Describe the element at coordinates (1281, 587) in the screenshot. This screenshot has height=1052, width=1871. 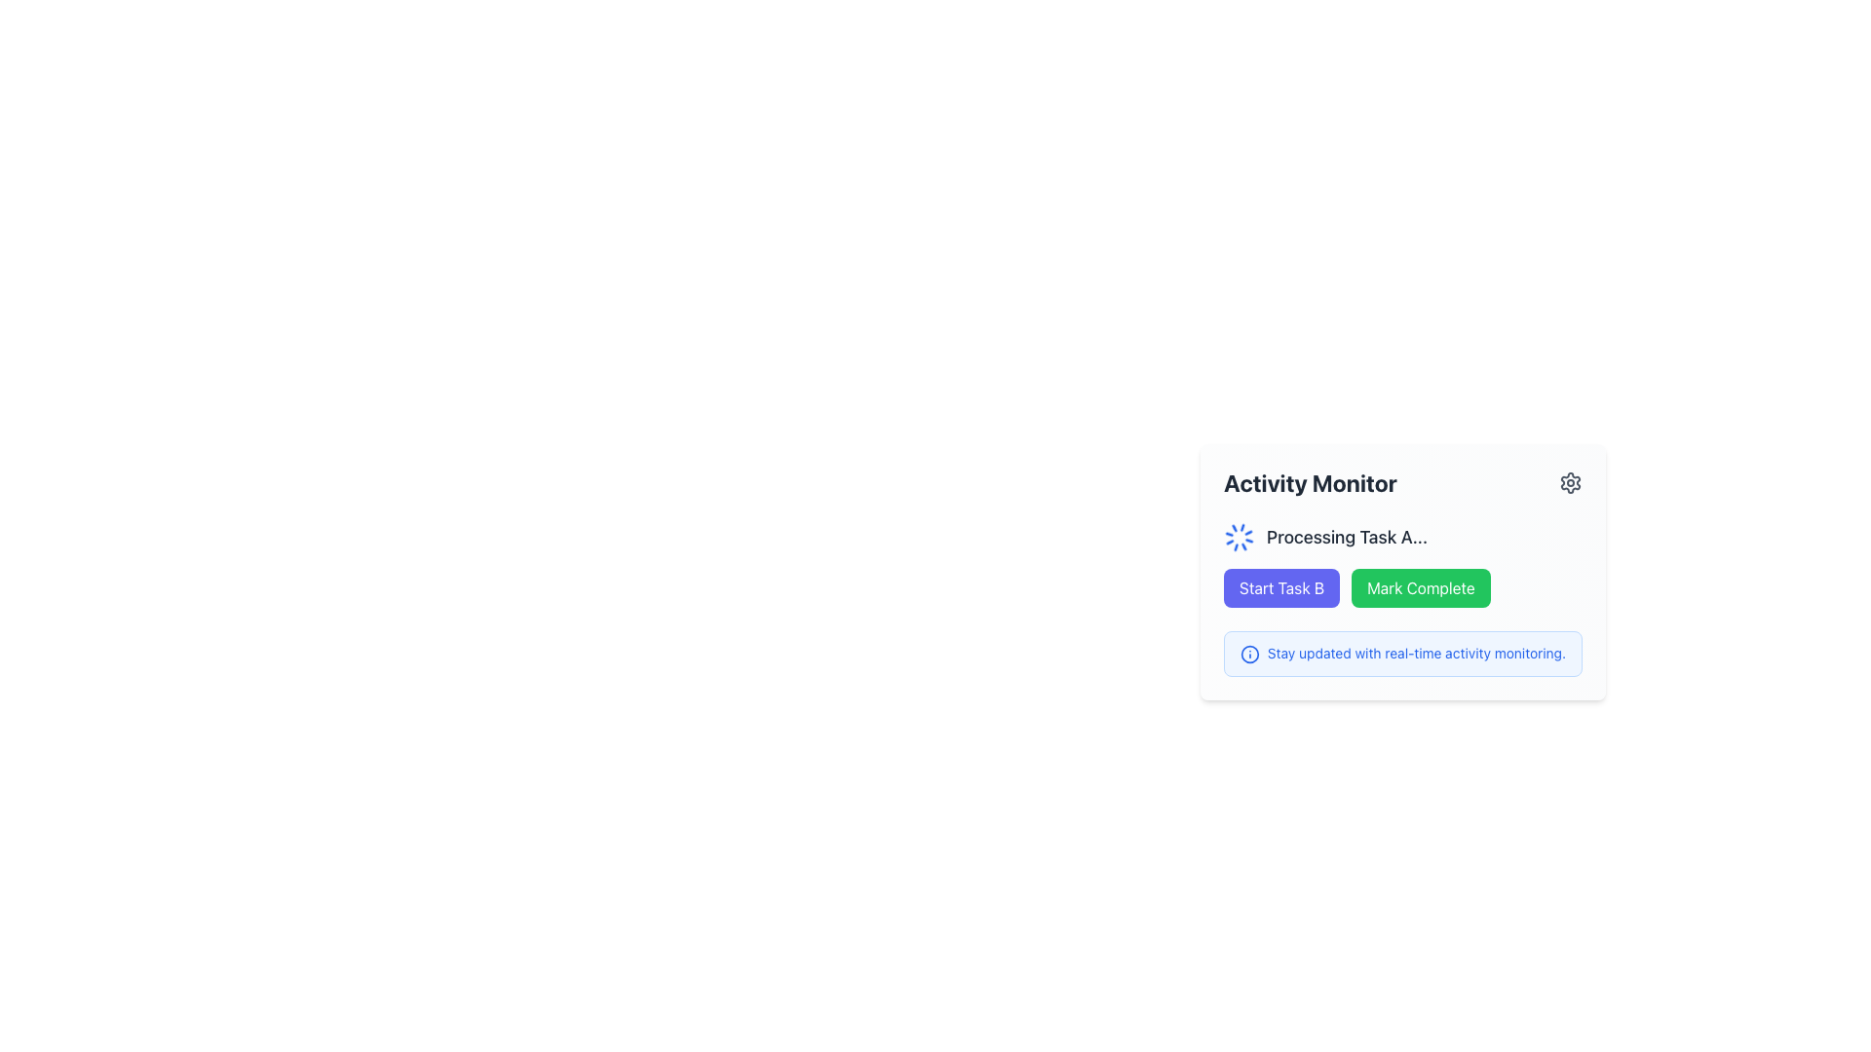
I see `the first button in the lower right section of the interface to initiate Task B` at that location.